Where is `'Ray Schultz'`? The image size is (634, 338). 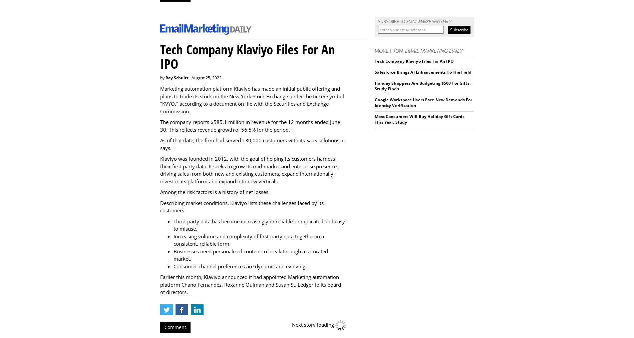 'Ray Schultz' is located at coordinates (166, 77).